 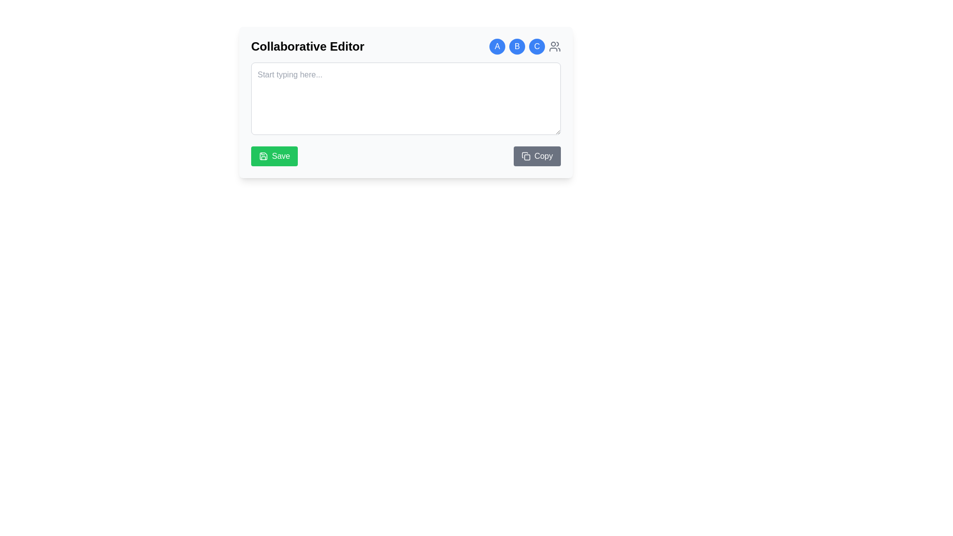 What do you see at coordinates (537, 156) in the screenshot?
I see `the 'Copy' button, which has a gray background that darkens on hover and features white text with an icon of overlapping sheets of paper to the left` at bounding box center [537, 156].